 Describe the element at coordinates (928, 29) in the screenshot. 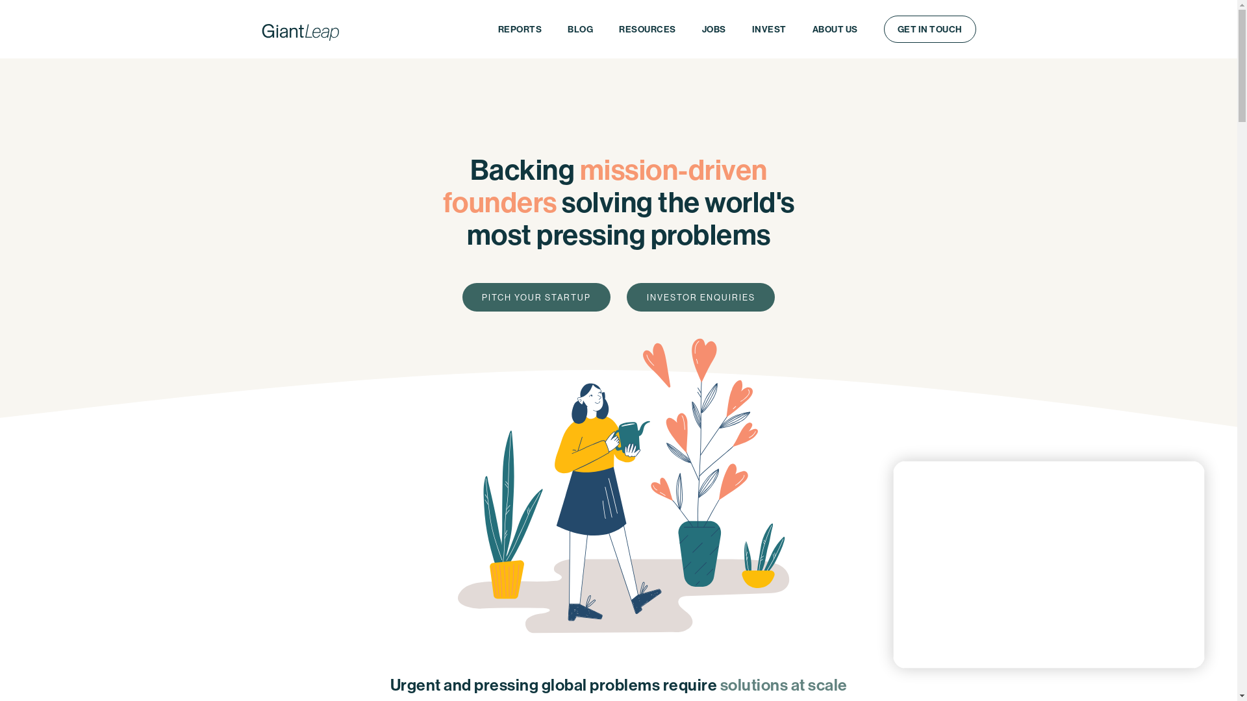

I see `'GET IN TOUCH'` at that location.